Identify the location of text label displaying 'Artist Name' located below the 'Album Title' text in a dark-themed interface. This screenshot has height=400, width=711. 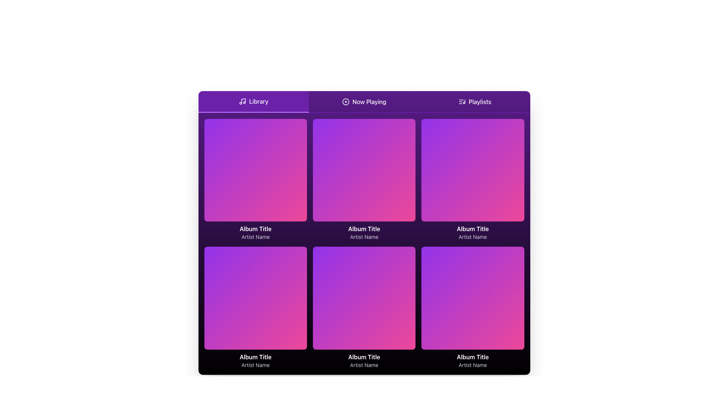
(364, 364).